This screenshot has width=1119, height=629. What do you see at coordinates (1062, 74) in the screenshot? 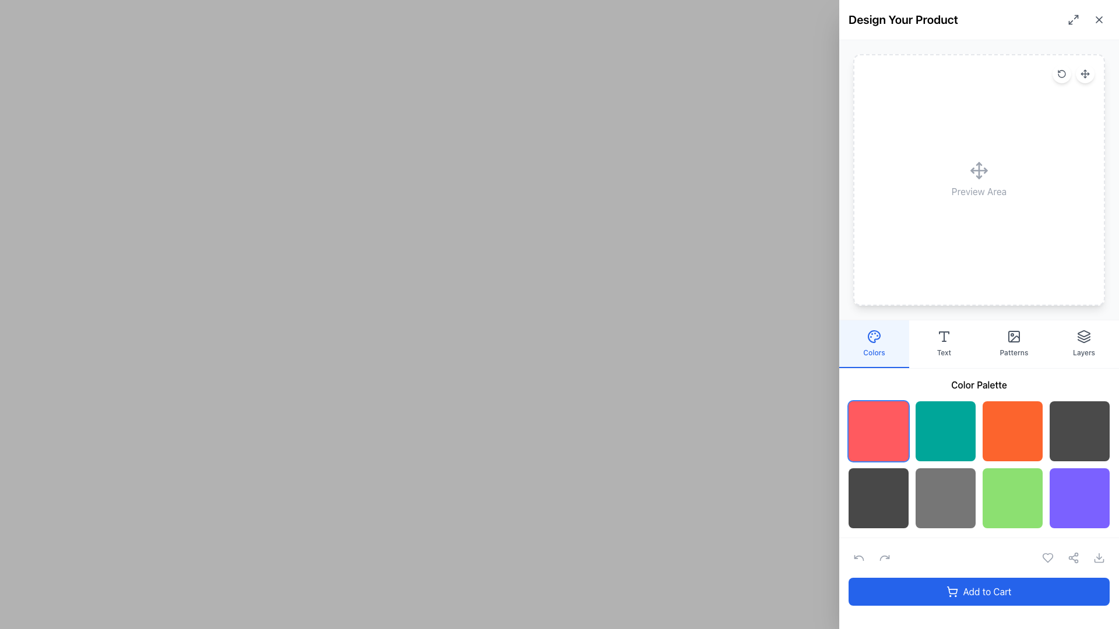
I see `the leftmost circular button in the top-right corner of the preview area` at bounding box center [1062, 74].